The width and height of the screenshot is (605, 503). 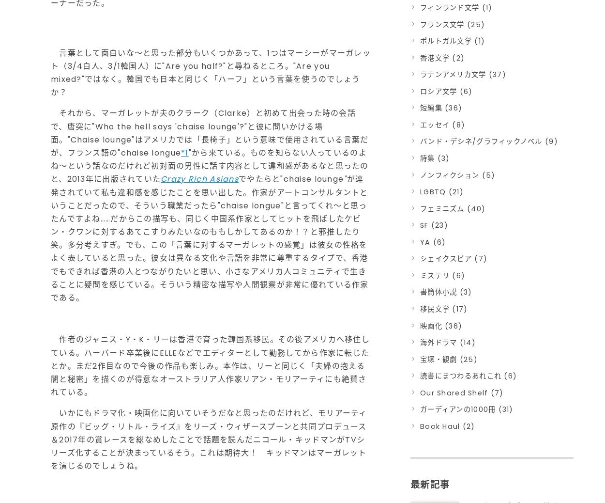 What do you see at coordinates (210, 133) in the screenshot?
I see `'それから、マーガレットが夫のクラーク（Clarke）と初めて出会った時の会話で、唐突に"Who the hell says 'chaise lounge'?"と彼に問いかける場面。"Chaise lounge"はアメリカでは「長椅子」という意味で使用されている言葉だが、フランス語の"chaise longue'` at bounding box center [210, 133].